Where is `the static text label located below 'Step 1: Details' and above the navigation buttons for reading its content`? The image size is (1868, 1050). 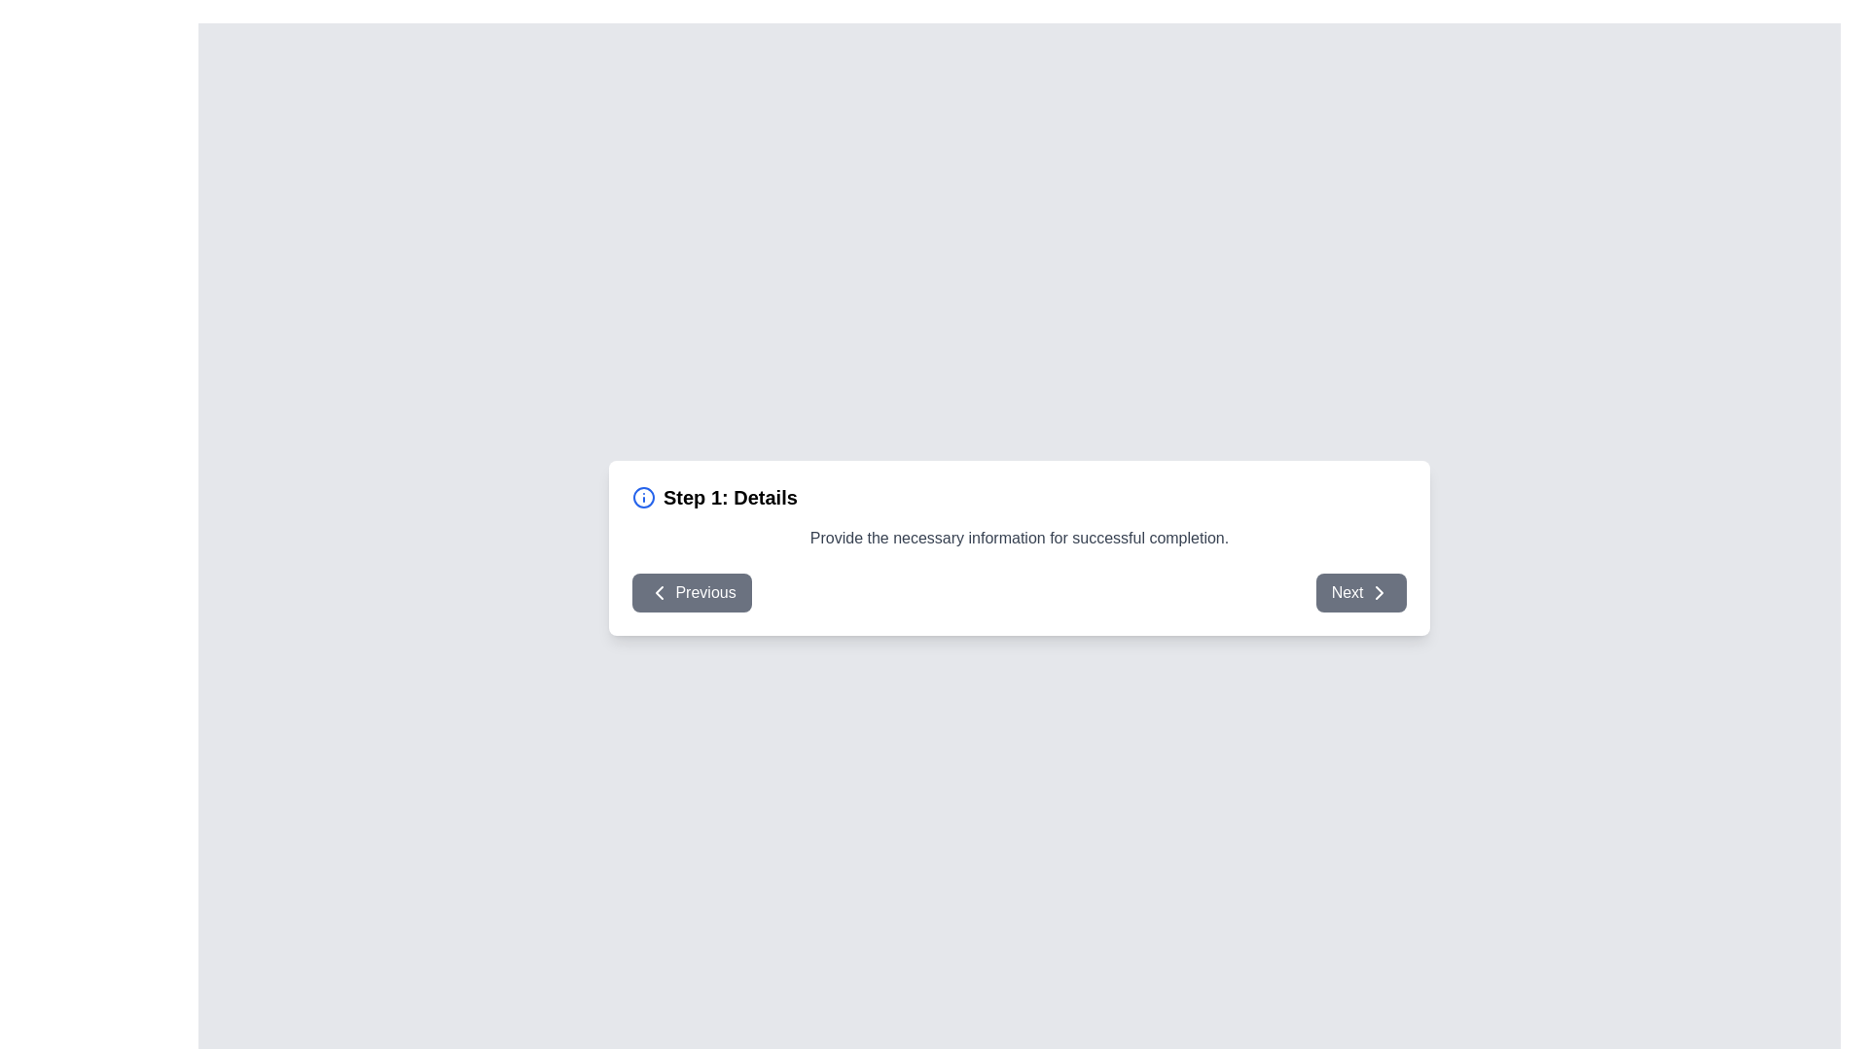
the static text label located below 'Step 1: Details' and above the navigation buttons for reading its content is located at coordinates (1018, 537).